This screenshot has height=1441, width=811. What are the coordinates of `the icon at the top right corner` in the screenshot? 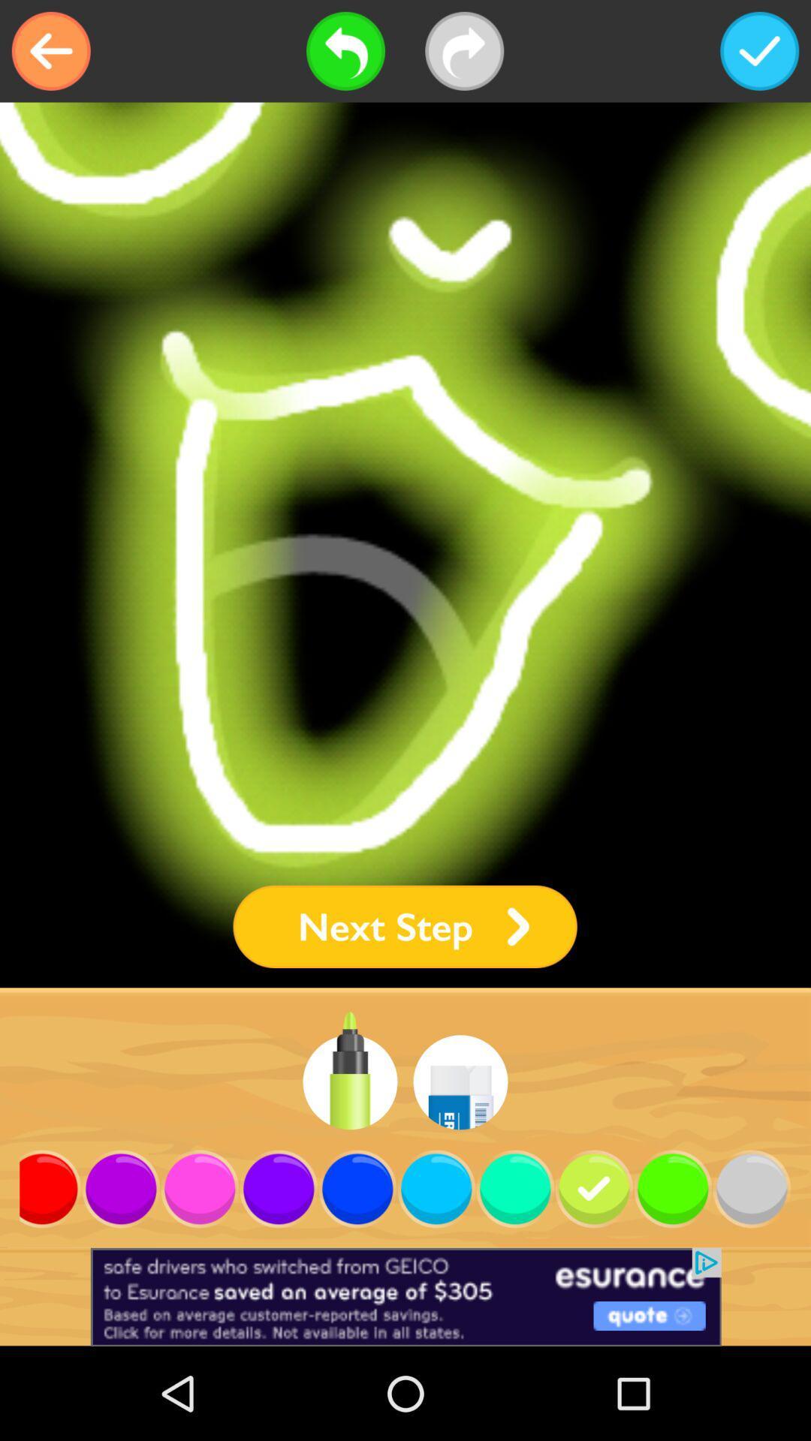 It's located at (759, 51).